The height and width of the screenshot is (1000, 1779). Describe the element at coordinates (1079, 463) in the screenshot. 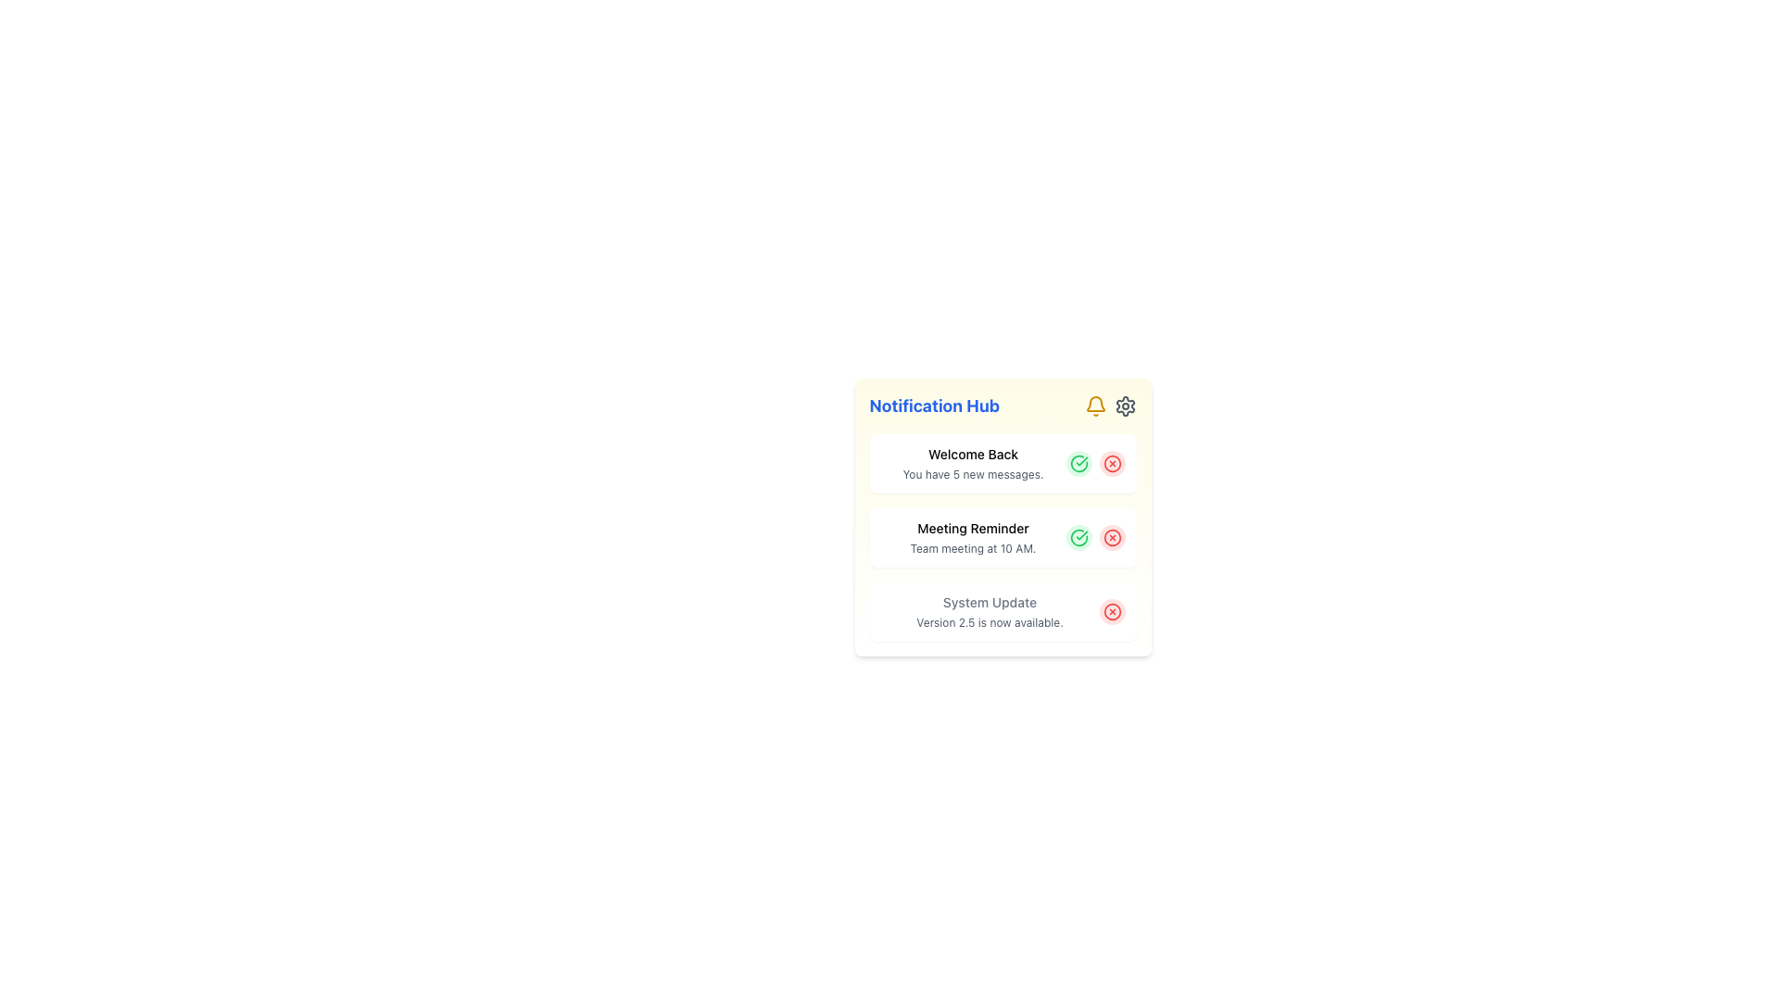

I see `the confirmation icon located to the right of the second item in the 'Meeting Reminder' list` at that location.